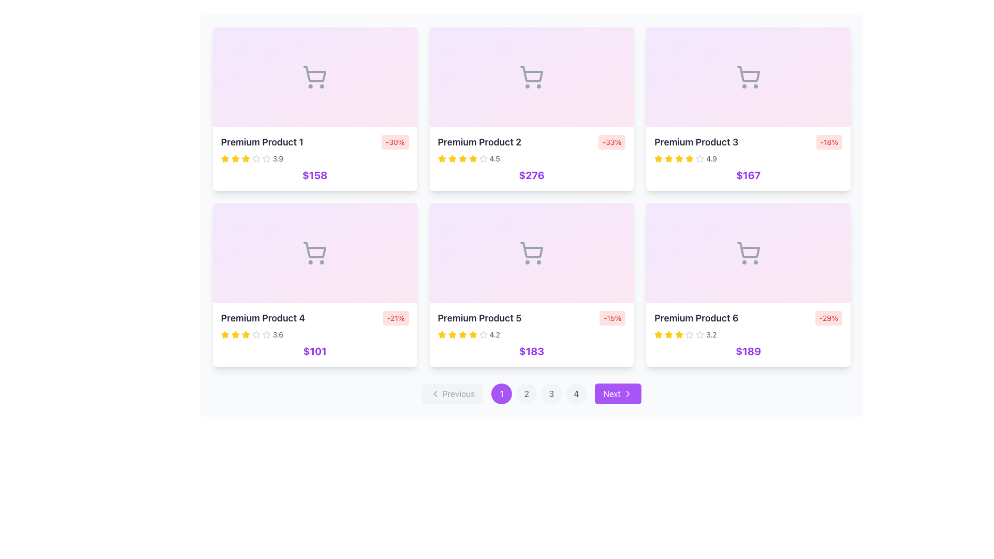  What do you see at coordinates (314, 335) in the screenshot?
I see `the fourth product card in the bottom-left corner of the grid` at bounding box center [314, 335].